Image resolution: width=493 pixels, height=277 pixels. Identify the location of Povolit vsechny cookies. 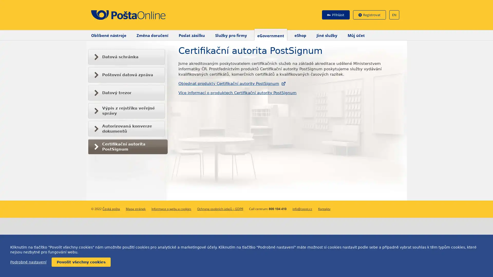
(81, 262).